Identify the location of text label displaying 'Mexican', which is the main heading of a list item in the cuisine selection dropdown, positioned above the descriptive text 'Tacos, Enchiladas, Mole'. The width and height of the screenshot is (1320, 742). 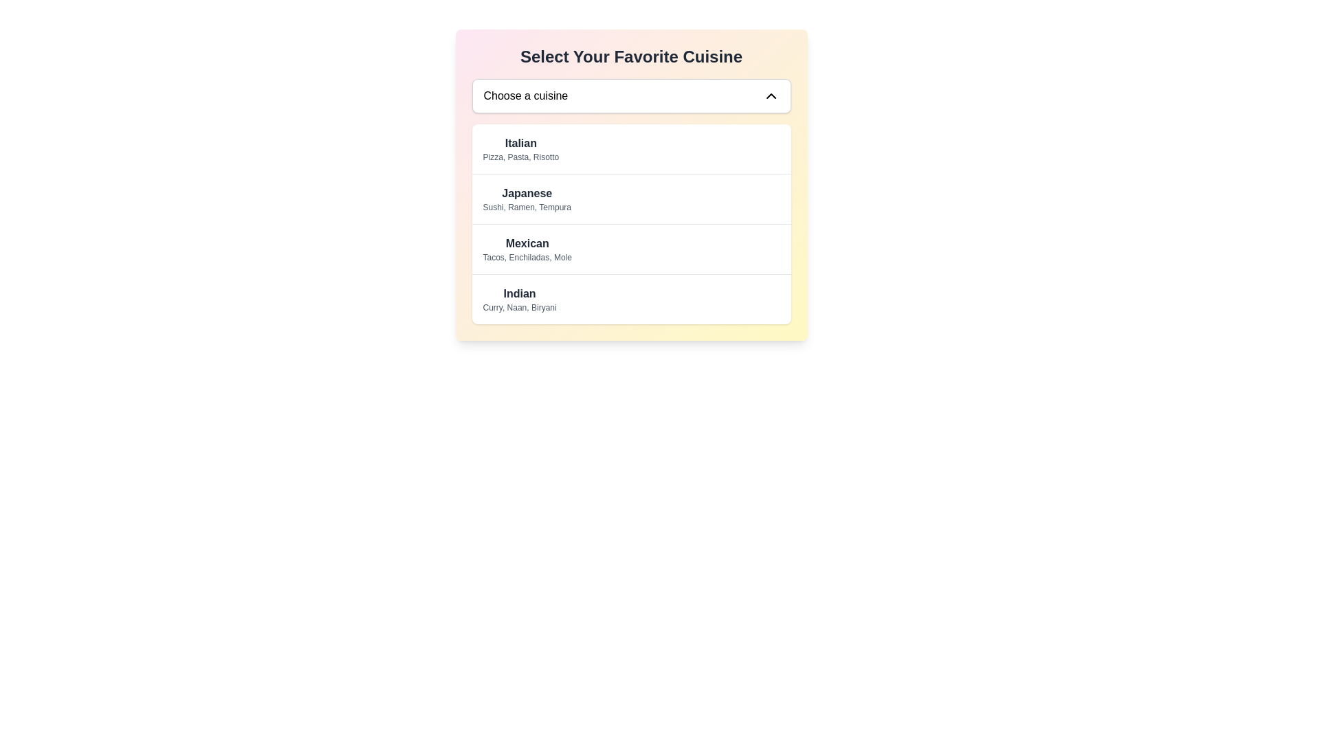
(527, 243).